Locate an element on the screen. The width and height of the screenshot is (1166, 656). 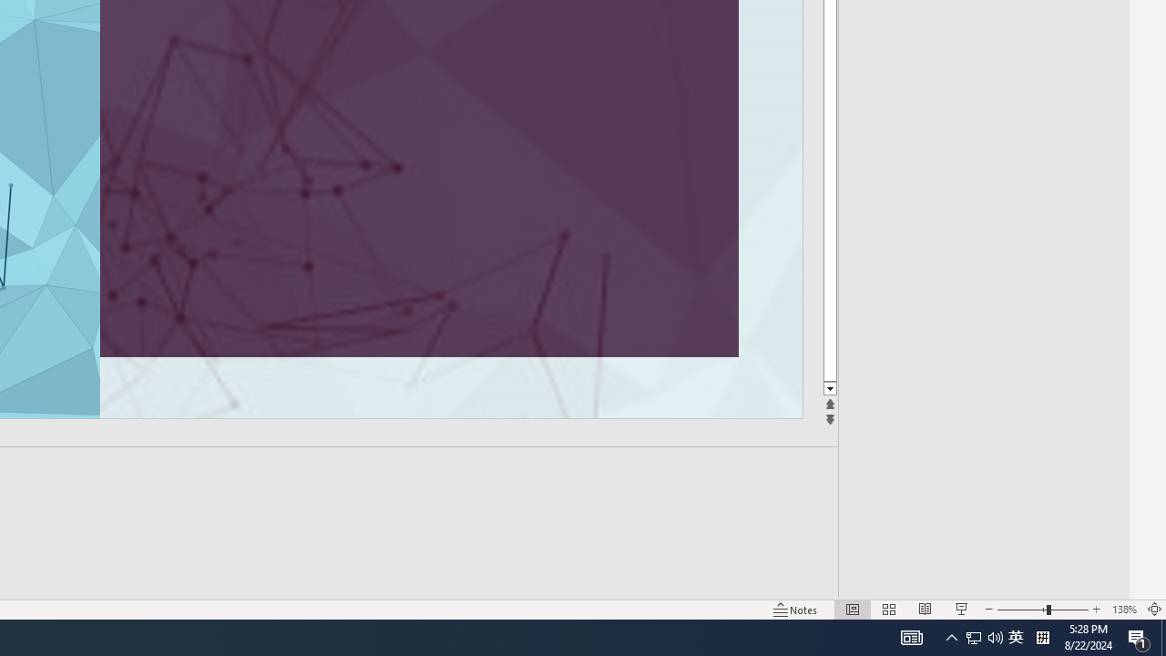
'Normal' is located at coordinates (852, 610).